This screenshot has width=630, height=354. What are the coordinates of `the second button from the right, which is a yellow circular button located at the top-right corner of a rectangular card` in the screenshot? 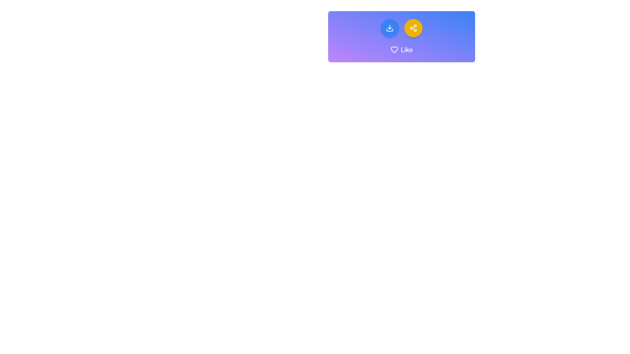 It's located at (413, 28).